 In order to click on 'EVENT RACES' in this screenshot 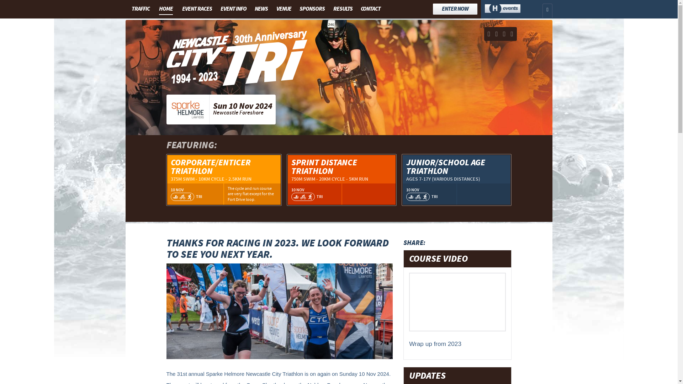, I will do `click(197, 9)`.